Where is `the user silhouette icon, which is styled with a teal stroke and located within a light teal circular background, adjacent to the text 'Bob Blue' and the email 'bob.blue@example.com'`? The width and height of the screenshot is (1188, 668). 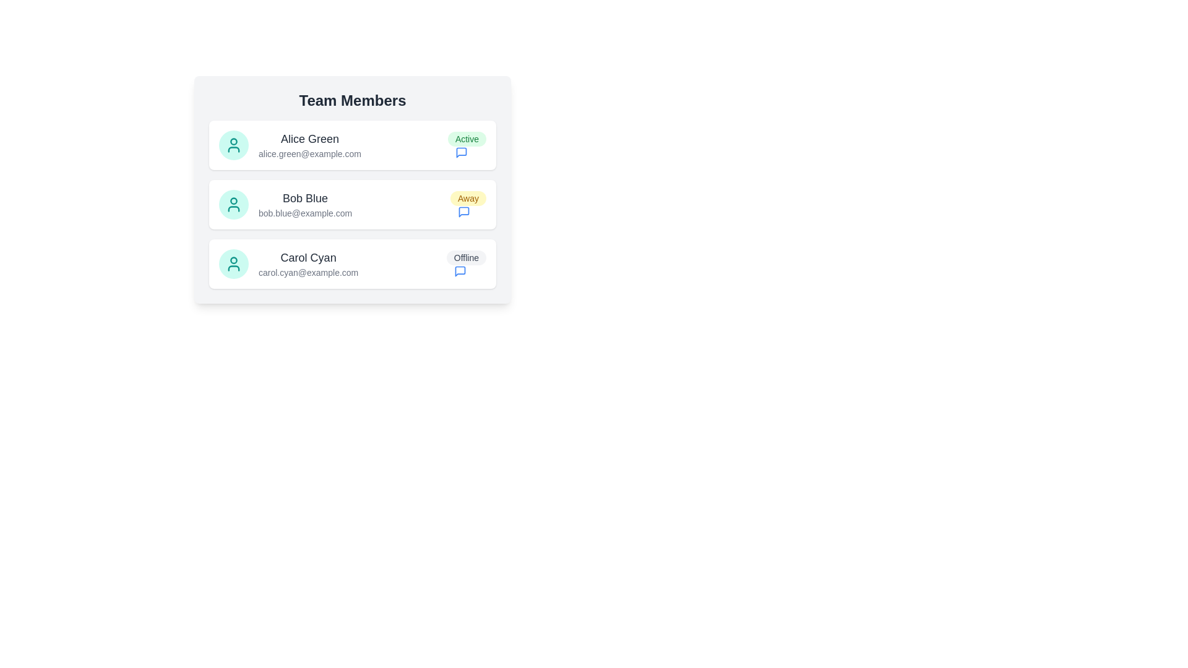
the user silhouette icon, which is styled with a teal stroke and located within a light teal circular background, adjacent to the text 'Bob Blue' and the email 'bob.blue@example.com' is located at coordinates (234, 204).